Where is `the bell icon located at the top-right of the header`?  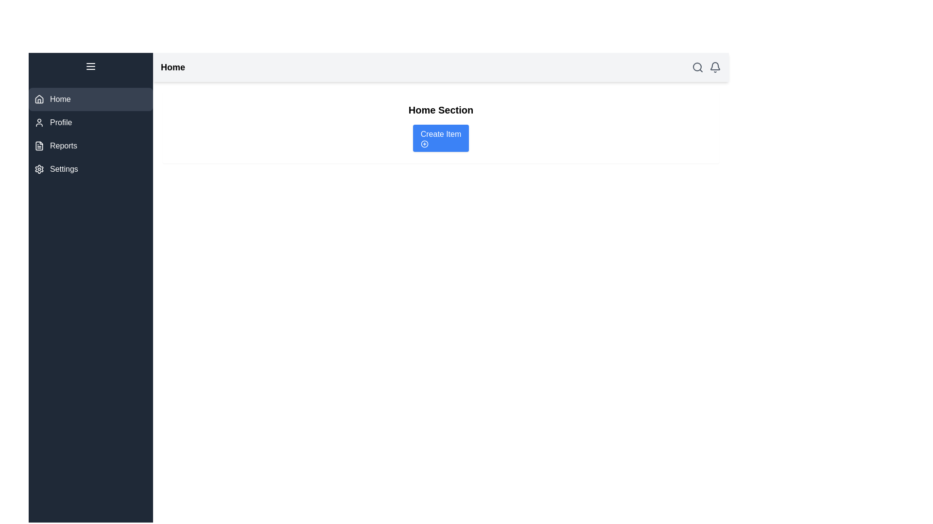
the bell icon located at the top-right of the header is located at coordinates (715, 66).